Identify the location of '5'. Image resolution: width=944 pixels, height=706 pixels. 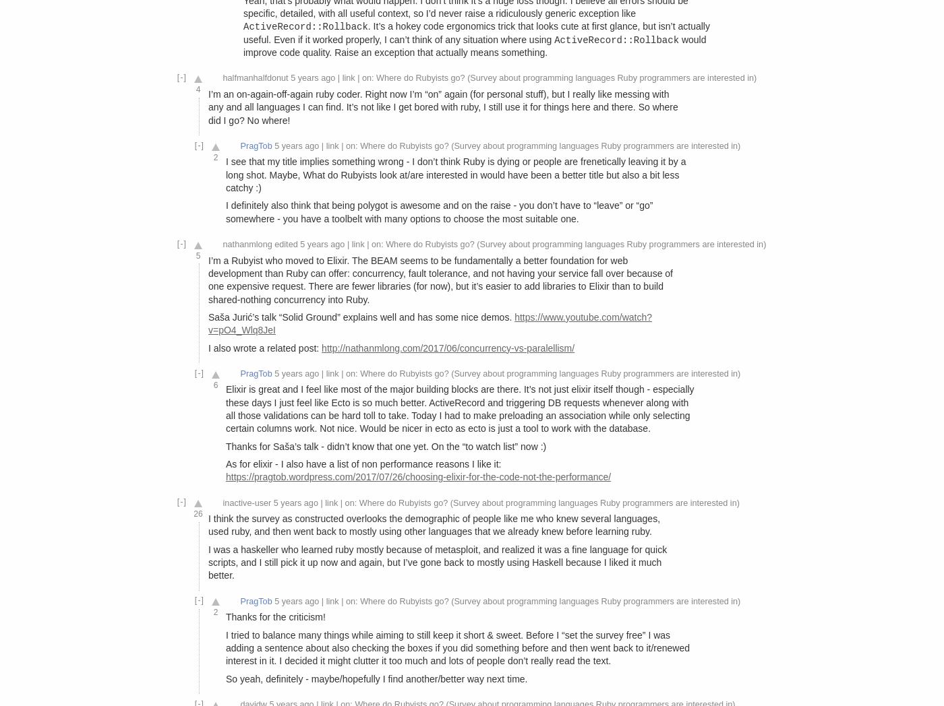
(198, 254).